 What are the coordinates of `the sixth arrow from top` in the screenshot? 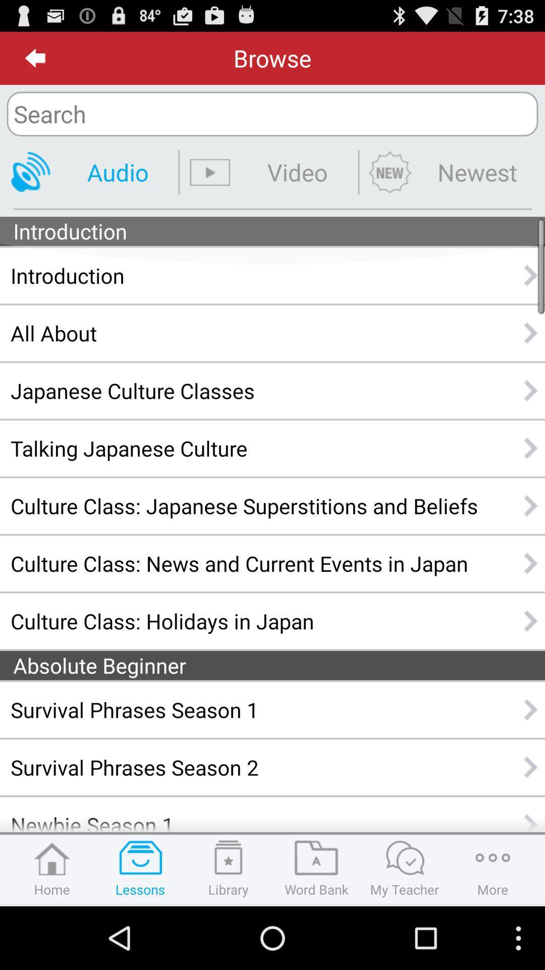 It's located at (531, 562).